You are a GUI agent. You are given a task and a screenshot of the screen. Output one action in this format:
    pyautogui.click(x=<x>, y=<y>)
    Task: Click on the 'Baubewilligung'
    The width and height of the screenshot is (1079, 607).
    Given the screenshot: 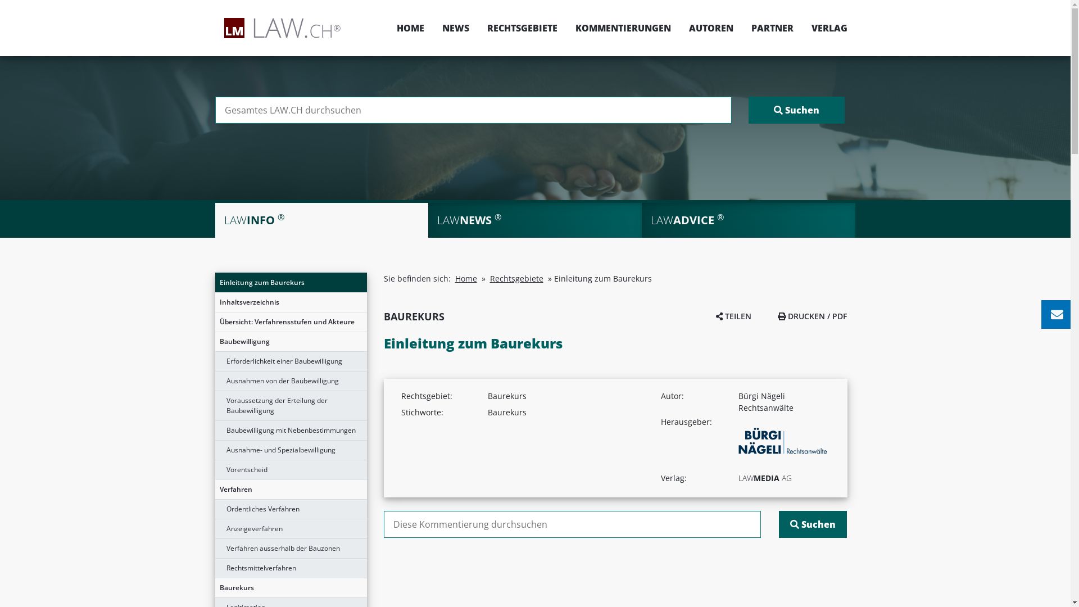 What is the action you would take?
    pyautogui.click(x=215, y=341)
    